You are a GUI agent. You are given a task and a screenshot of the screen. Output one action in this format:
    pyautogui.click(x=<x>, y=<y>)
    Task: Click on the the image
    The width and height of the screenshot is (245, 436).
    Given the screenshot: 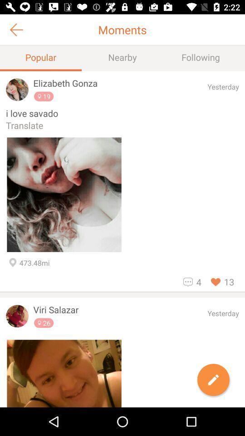 What is the action you would take?
    pyautogui.click(x=64, y=373)
    